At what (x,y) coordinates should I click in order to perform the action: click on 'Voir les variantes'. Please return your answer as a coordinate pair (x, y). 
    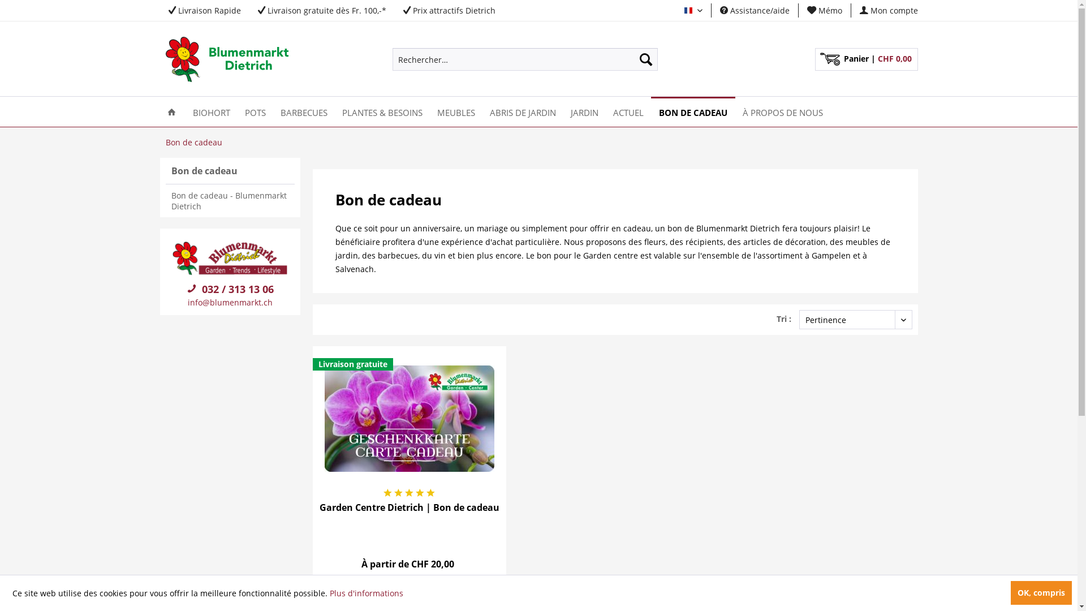
    Looking at the image, I should click on (409, 591).